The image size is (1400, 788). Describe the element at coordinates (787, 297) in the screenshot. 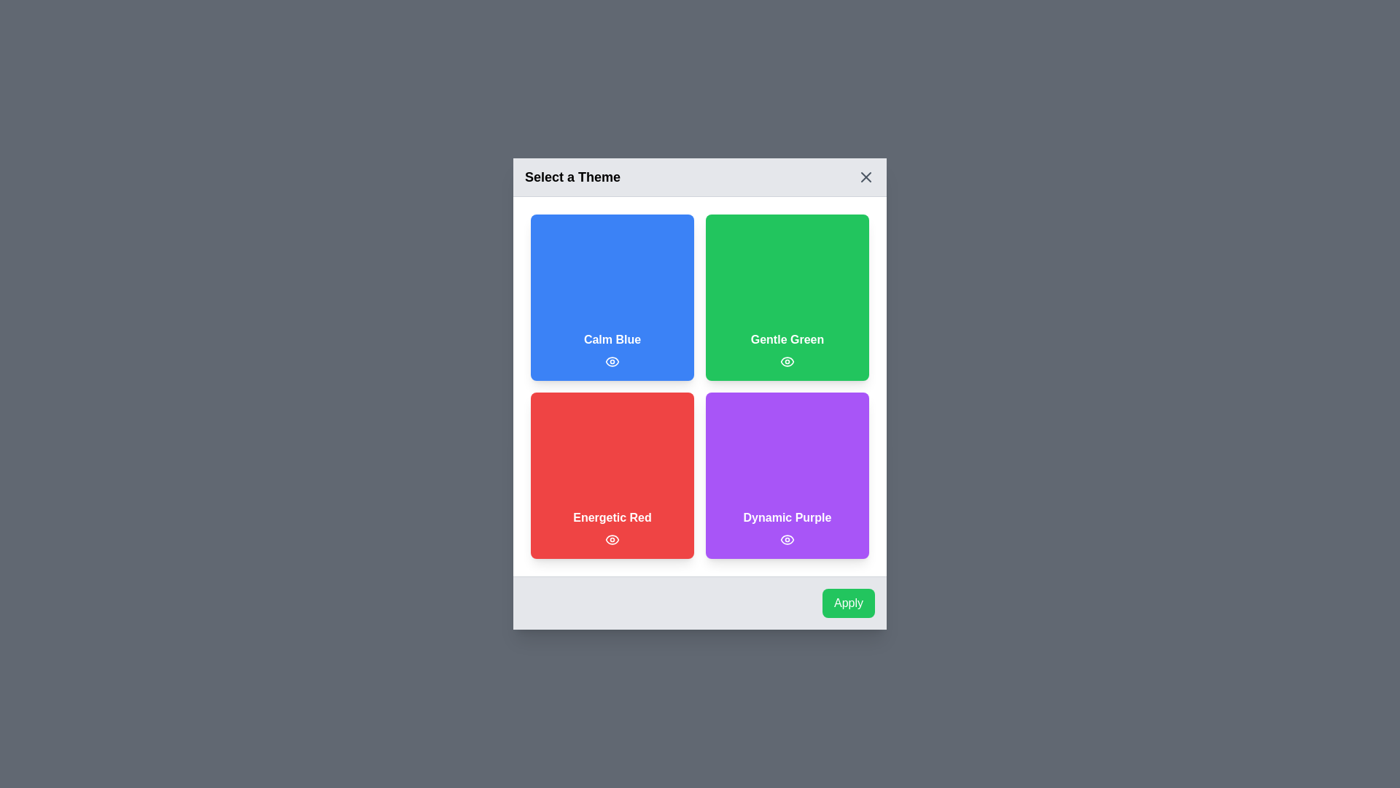

I see `the theme Gentle Green by clicking on its respective area` at that location.